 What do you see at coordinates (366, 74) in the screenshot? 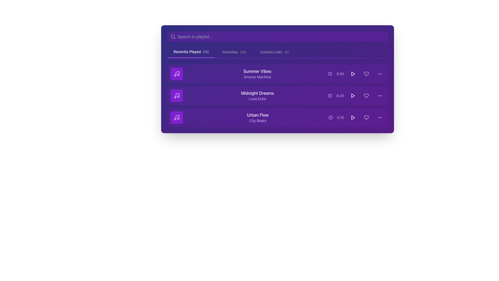
I see `the heart-shaped icon with a purple outline` at bounding box center [366, 74].